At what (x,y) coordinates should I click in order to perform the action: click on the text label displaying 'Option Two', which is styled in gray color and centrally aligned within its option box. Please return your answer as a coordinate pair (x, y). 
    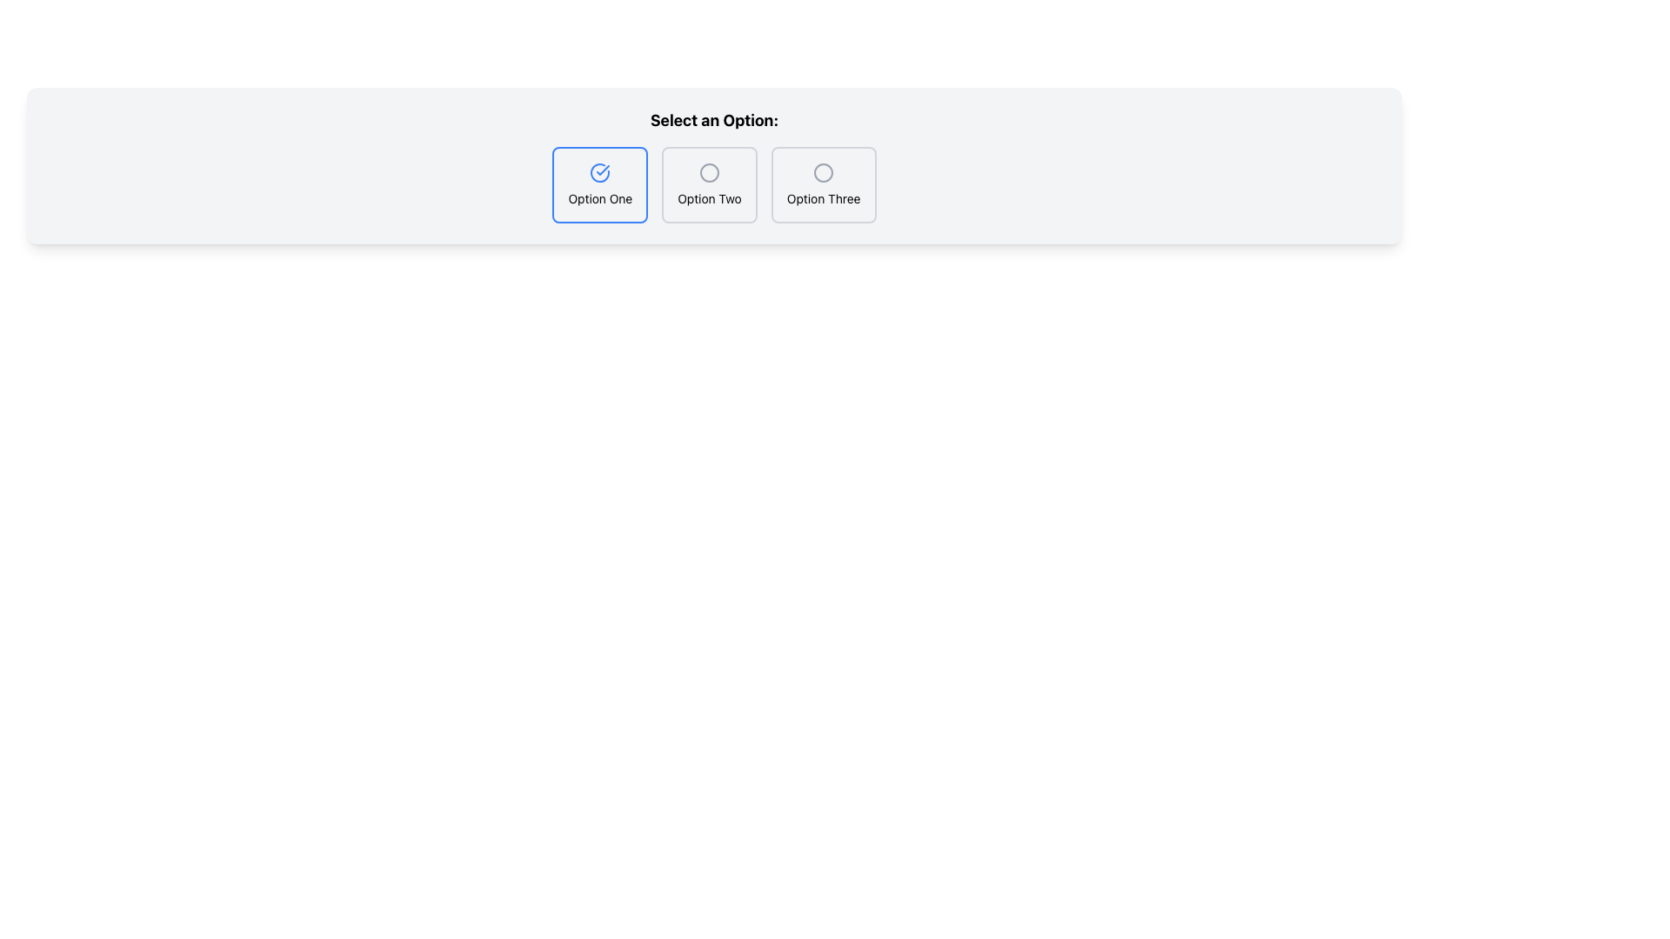
    Looking at the image, I should click on (710, 197).